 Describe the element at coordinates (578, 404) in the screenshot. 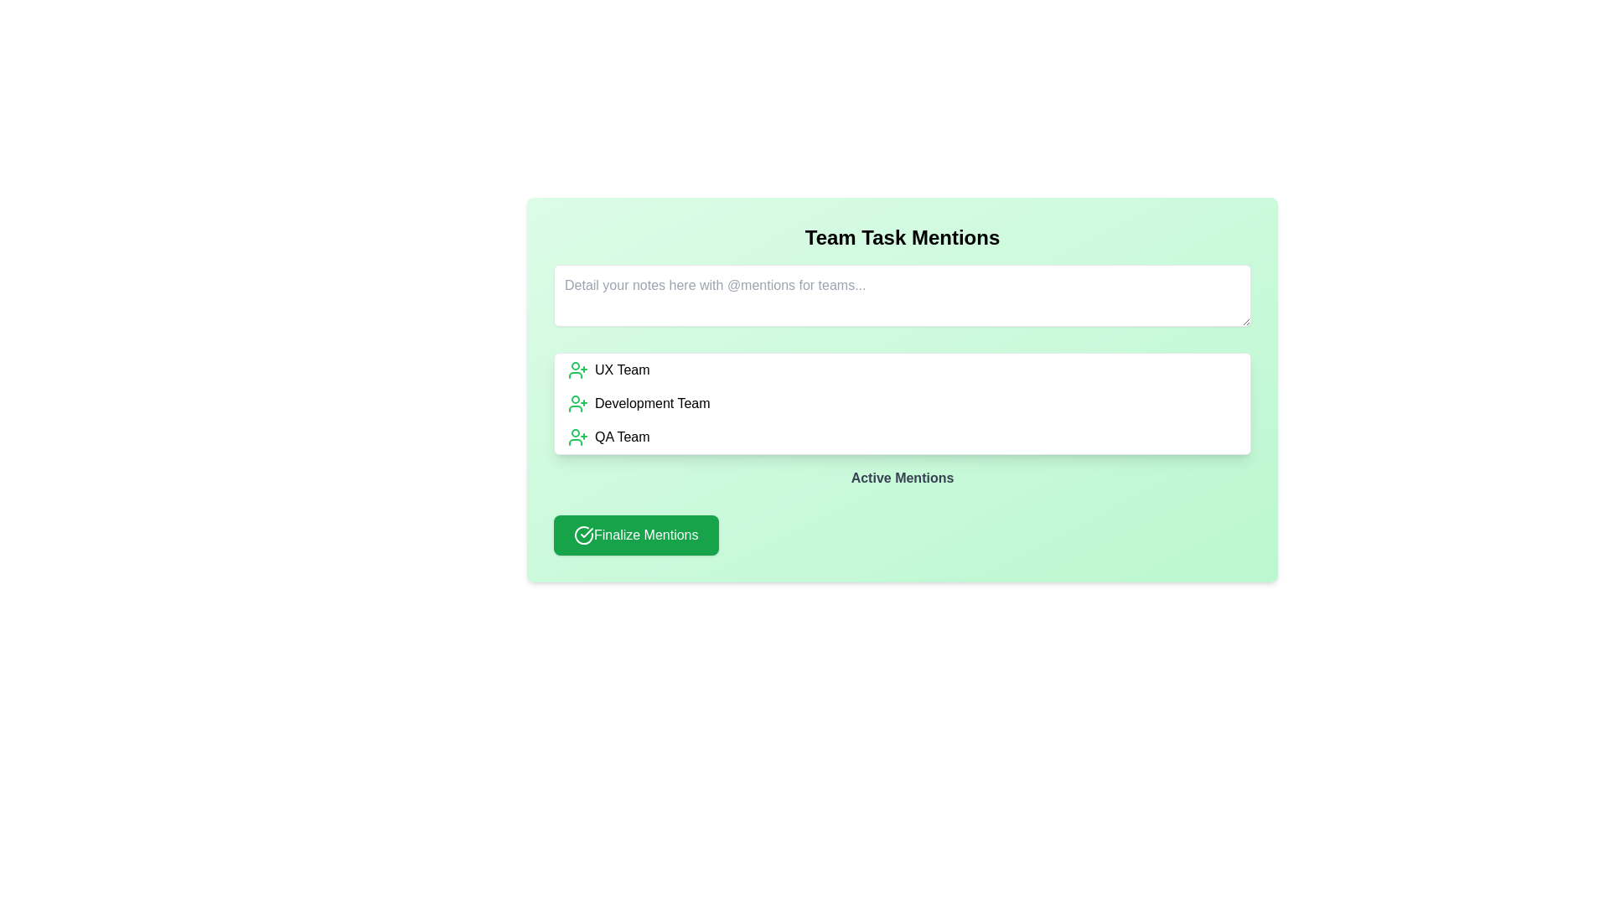

I see `the icon that is the first visual identifier associated with adding members to the 'Development Team', located immediately to the left of the label` at that location.